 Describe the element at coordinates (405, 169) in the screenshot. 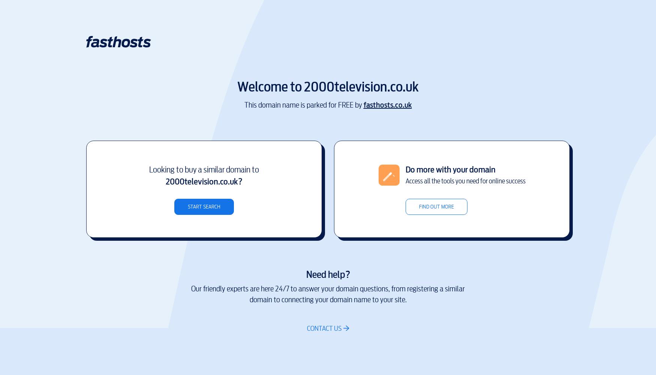

I see `'Do more with your domain'` at that location.